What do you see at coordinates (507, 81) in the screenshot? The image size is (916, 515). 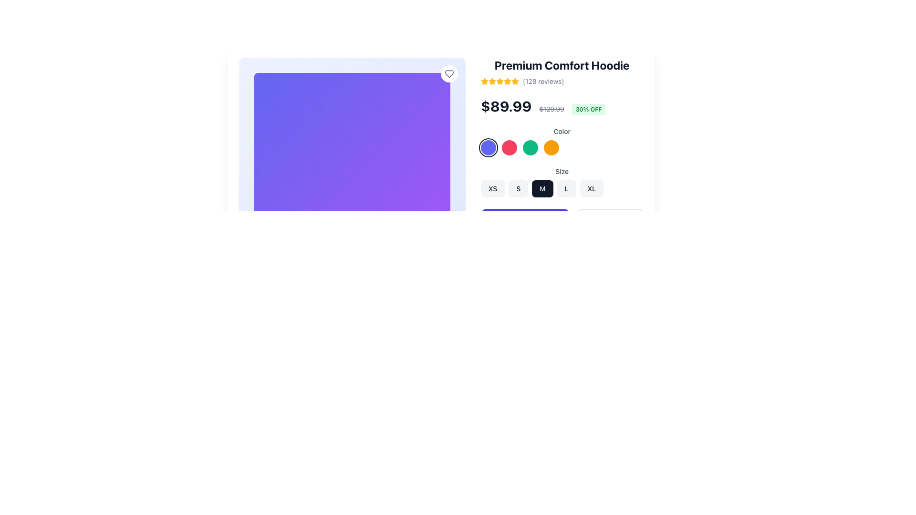 I see `the fourth star icon representing the product rating for 'Premium Comfort Hoodie', located above the review count text '(128 reviews)'` at bounding box center [507, 81].